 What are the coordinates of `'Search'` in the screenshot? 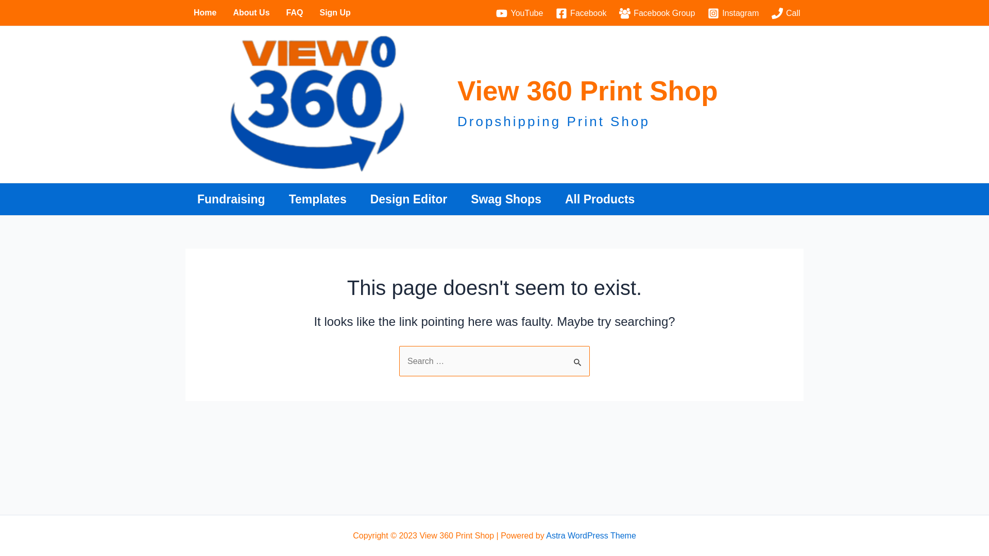 It's located at (578, 356).